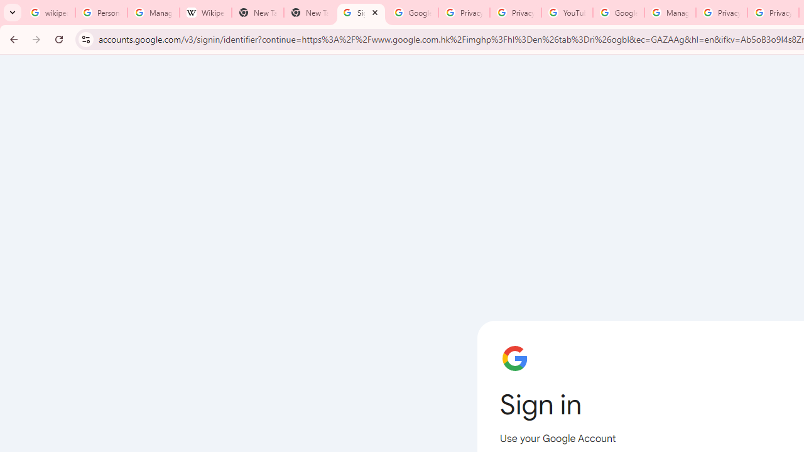  What do you see at coordinates (618, 13) in the screenshot?
I see `'Google Account Help'` at bounding box center [618, 13].